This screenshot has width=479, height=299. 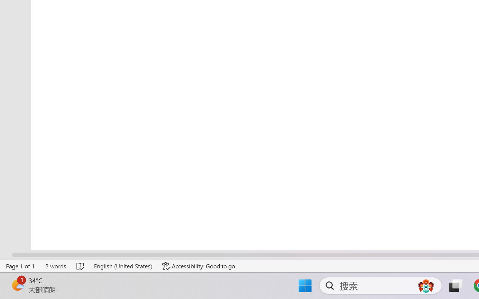 What do you see at coordinates (17, 285) in the screenshot?
I see `'AutomationID: BadgeAnchorLargeTicker'` at bounding box center [17, 285].